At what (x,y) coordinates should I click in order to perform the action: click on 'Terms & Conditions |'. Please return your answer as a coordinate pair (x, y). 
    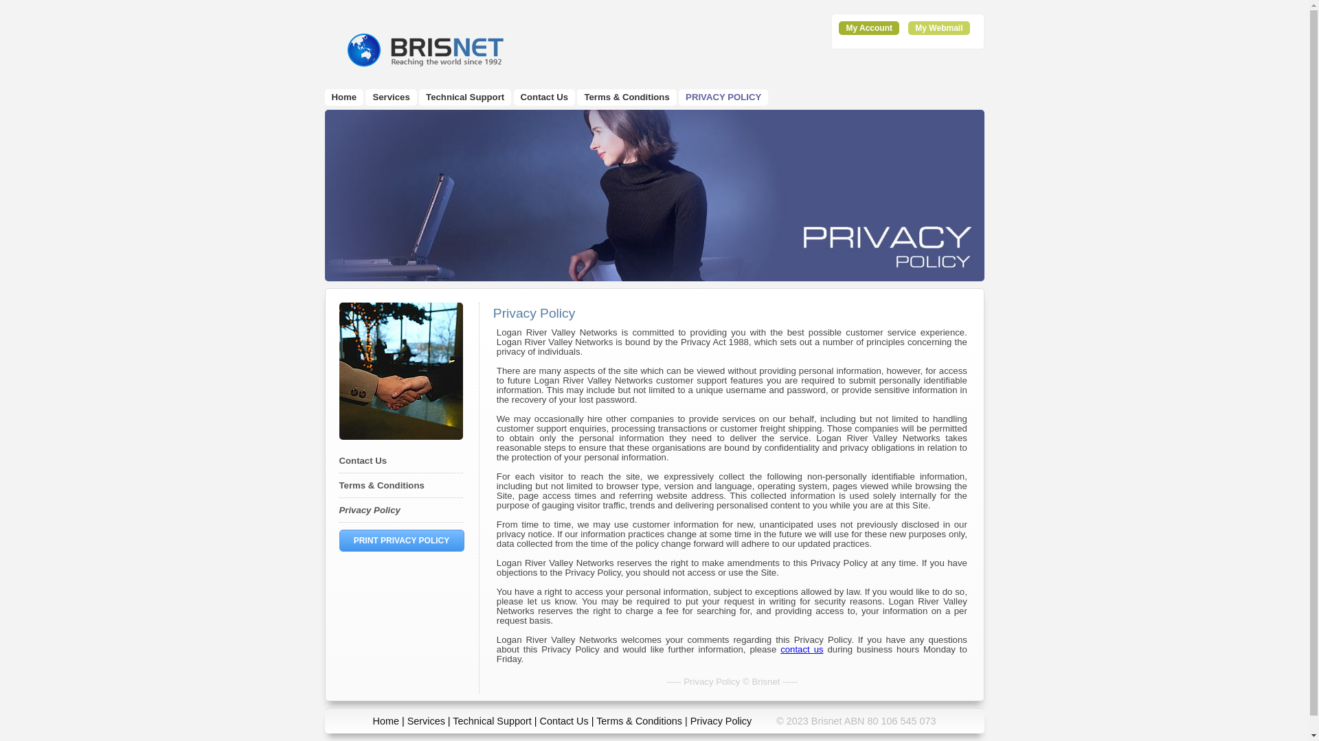
    Looking at the image, I should click on (642, 720).